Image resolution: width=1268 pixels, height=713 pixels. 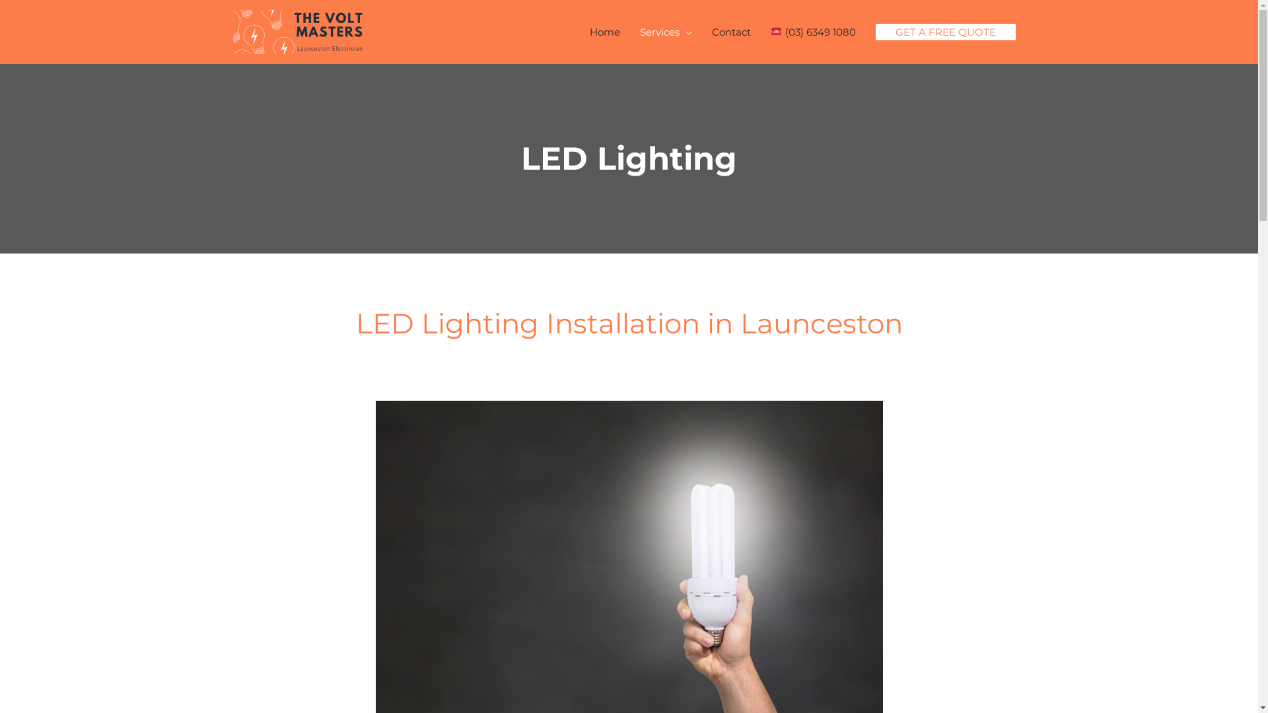 I want to click on 'GET A FREE QUOTE', so click(x=944, y=31).